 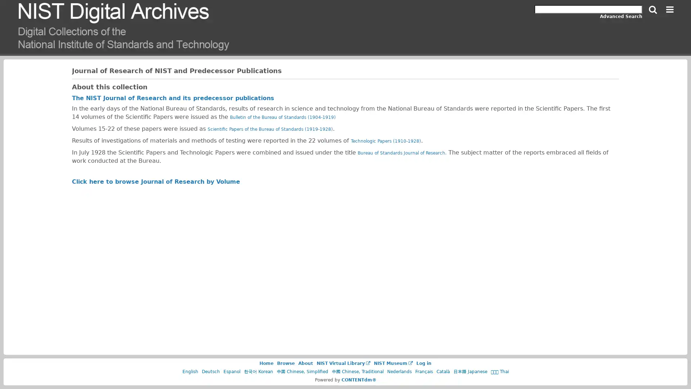 I want to click on Chinese, Simplified, so click(x=302, y=372).